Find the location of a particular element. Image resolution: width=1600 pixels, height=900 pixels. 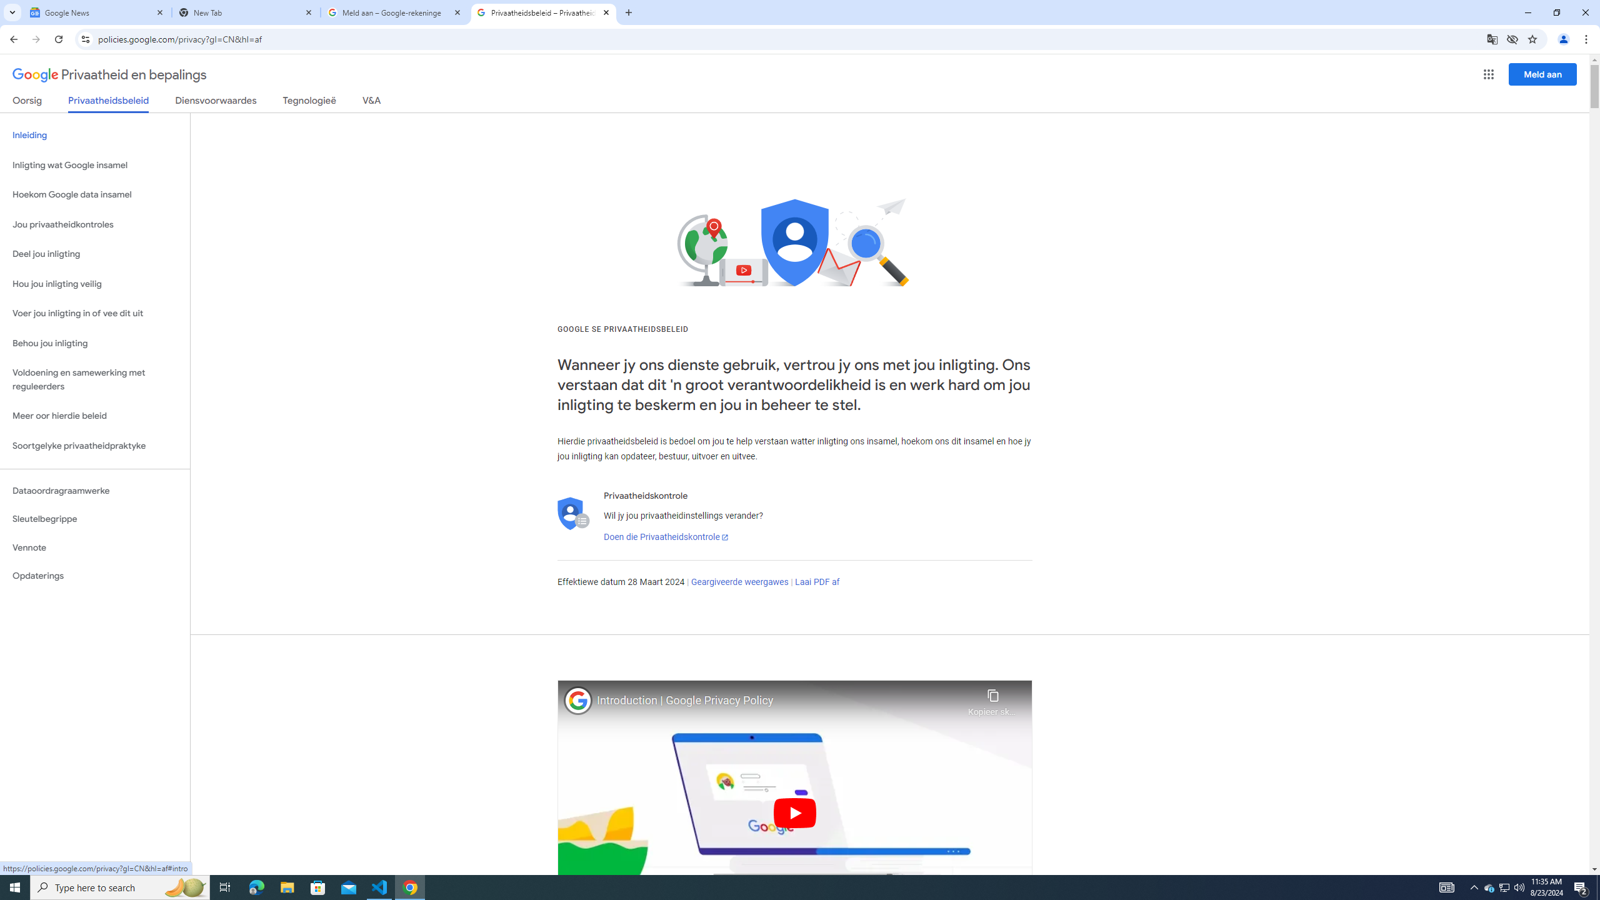

'New Tab' is located at coordinates (246, 12).